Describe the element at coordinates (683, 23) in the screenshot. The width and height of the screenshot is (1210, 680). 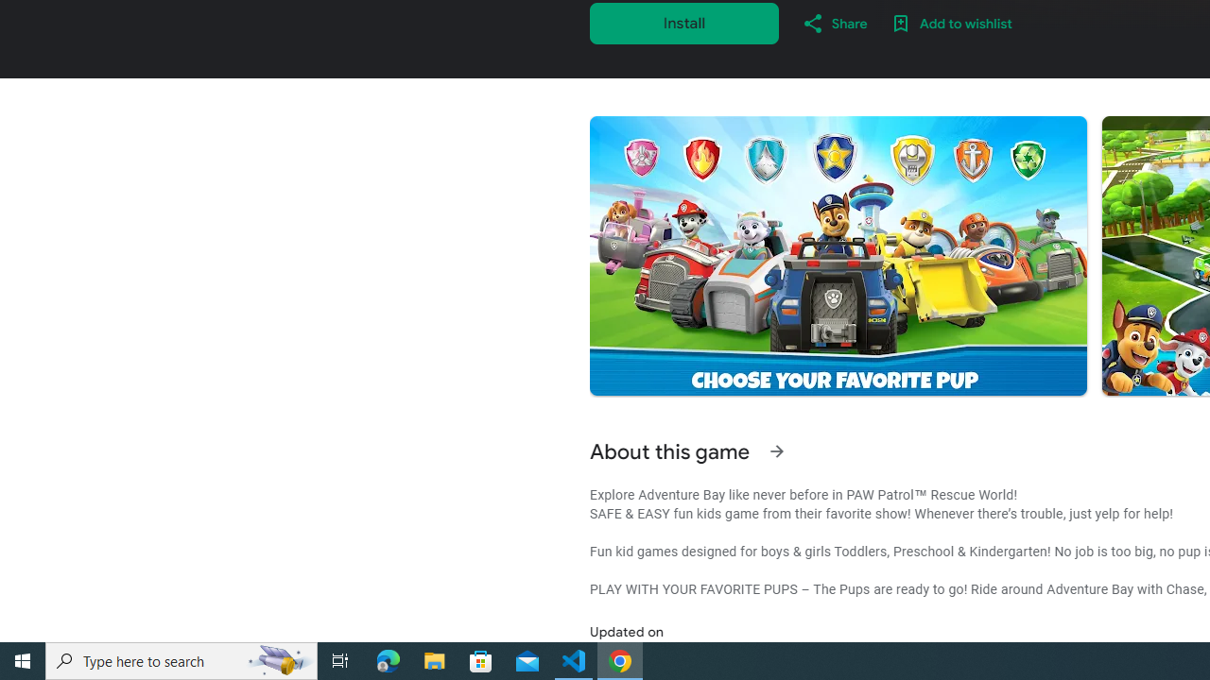
I see `'Install'` at that location.